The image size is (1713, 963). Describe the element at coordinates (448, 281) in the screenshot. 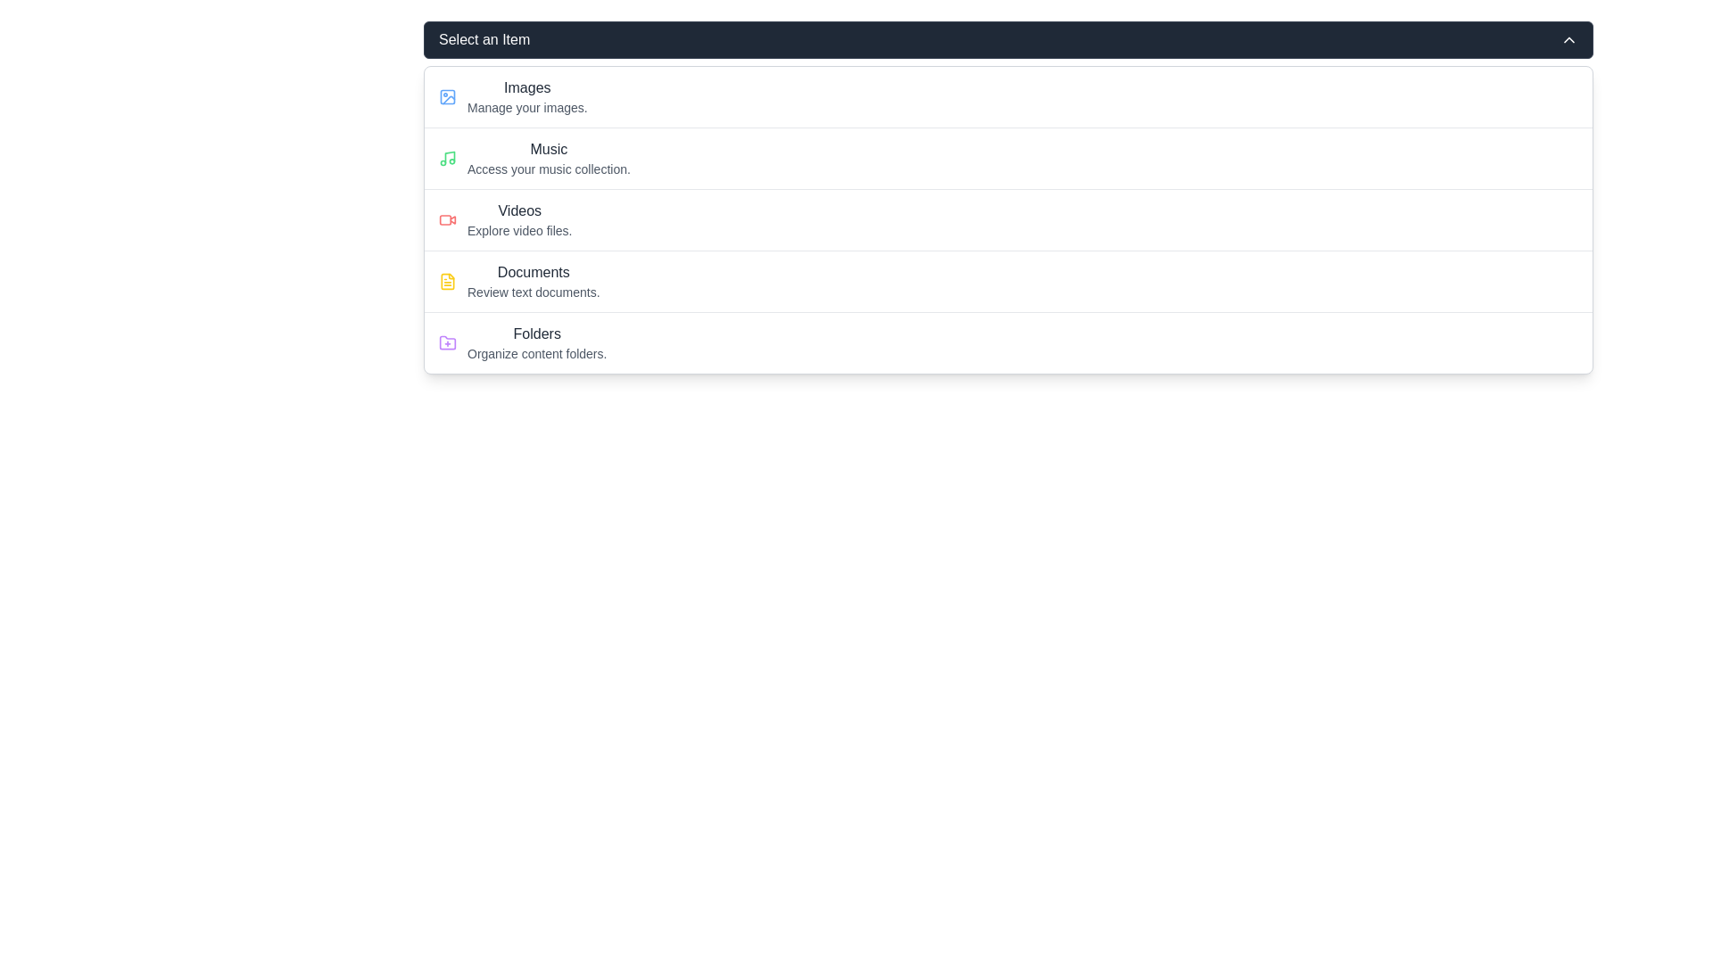

I see `the document icon located in the 'Documents' row of the dropdown menu, which features a rectangular outline with a folded corner at the top-right` at that location.